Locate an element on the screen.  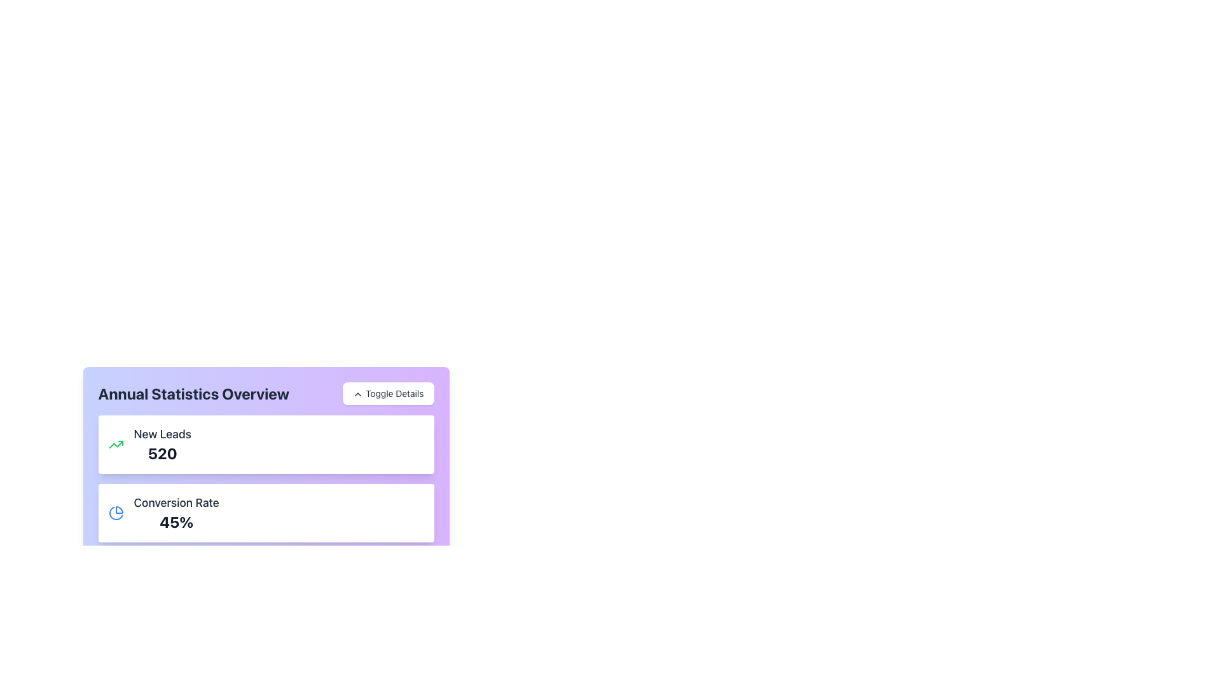
displayed percentage value '45%' located in the 'Conversion Rate' section of the 'Annual Statistics Overview' card, which is represented in a large, bold font and is centered below the label 'Conversion Rate' is located at coordinates (176, 521).